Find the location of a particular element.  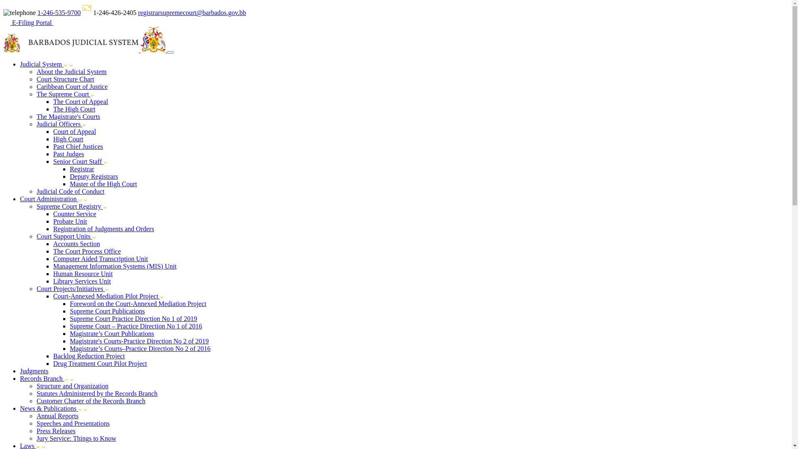

'Court-Annexed Mediation Pilot Project' is located at coordinates (106, 296).